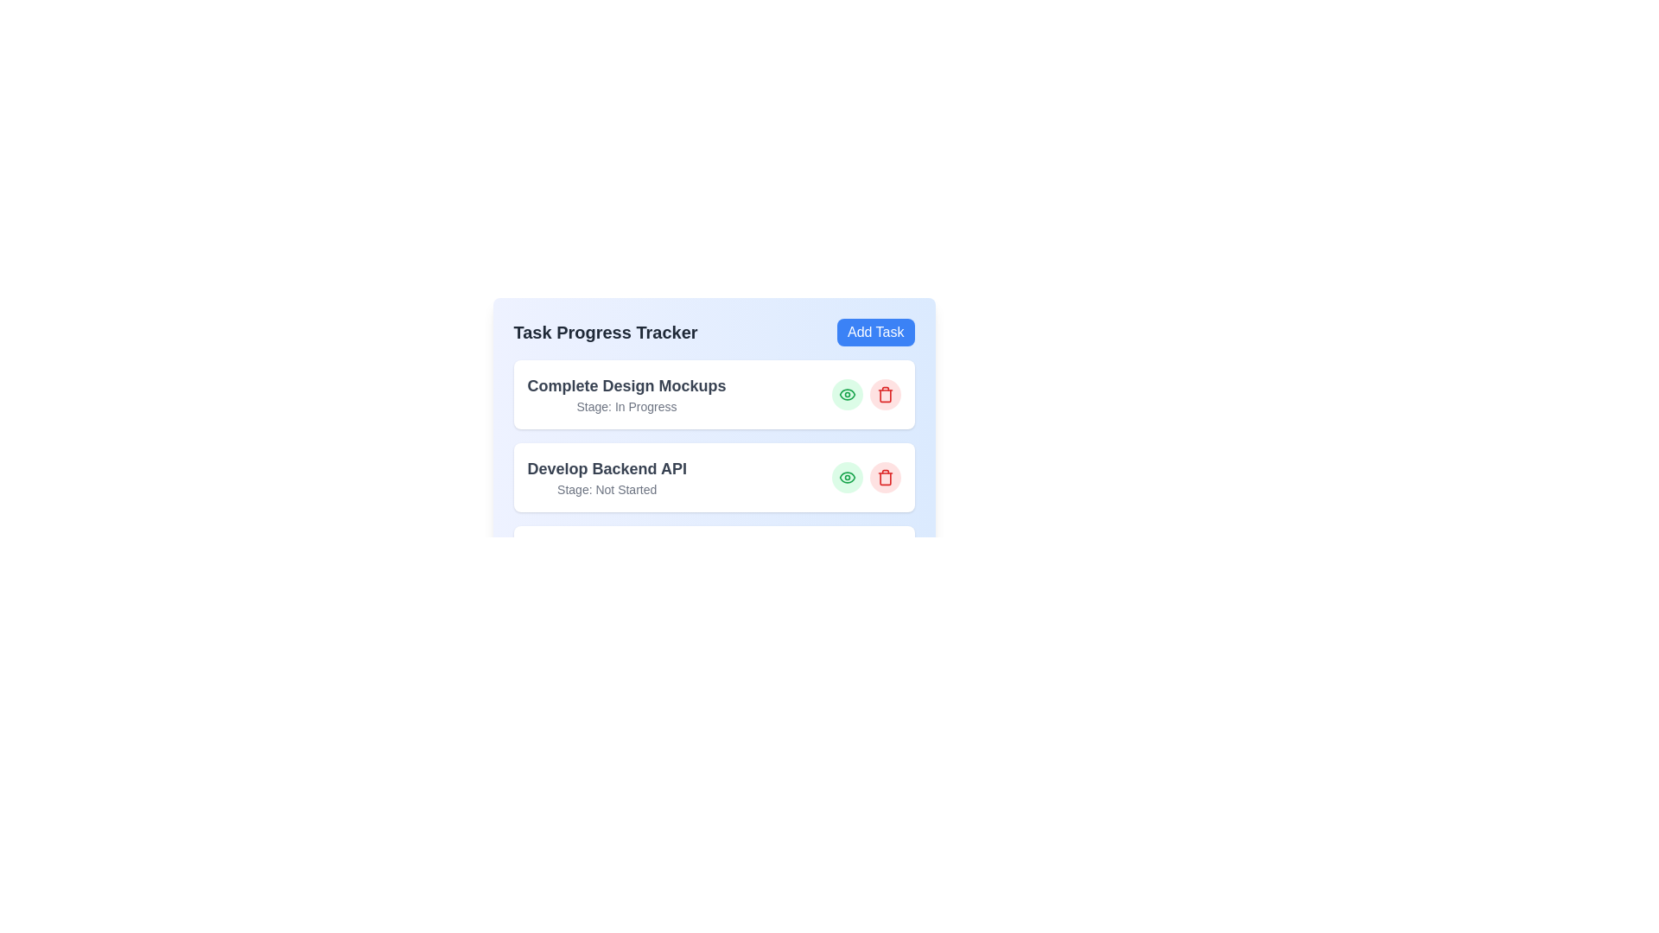 The width and height of the screenshot is (1659, 933). I want to click on the 'Add Task' button to open the task addition interface, so click(875, 333).